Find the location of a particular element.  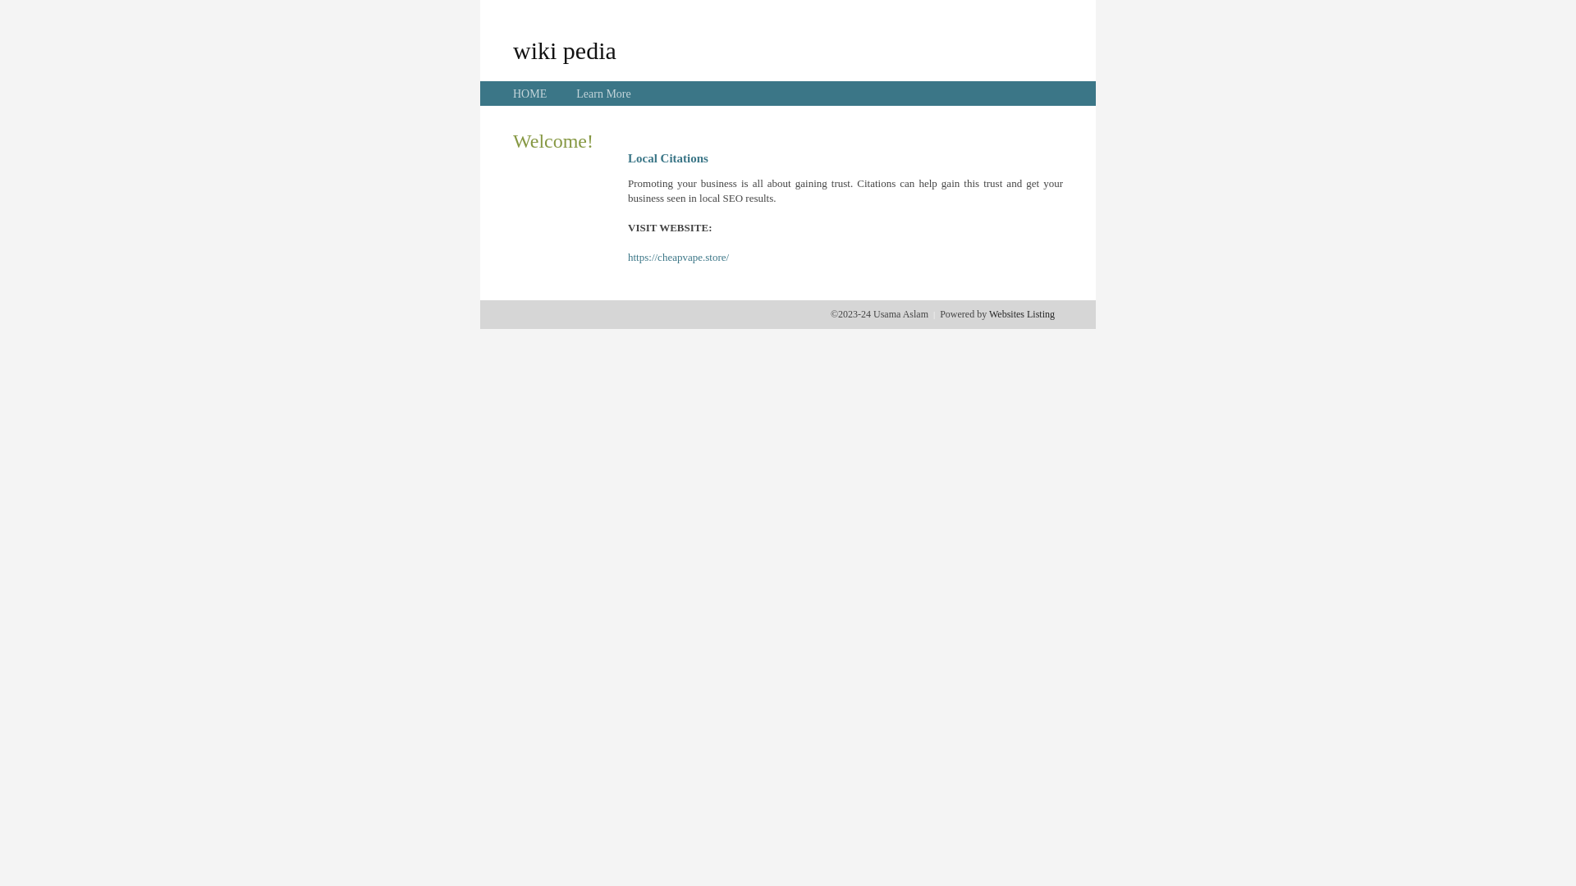

'https://cheapvape.store/' is located at coordinates (678, 257).